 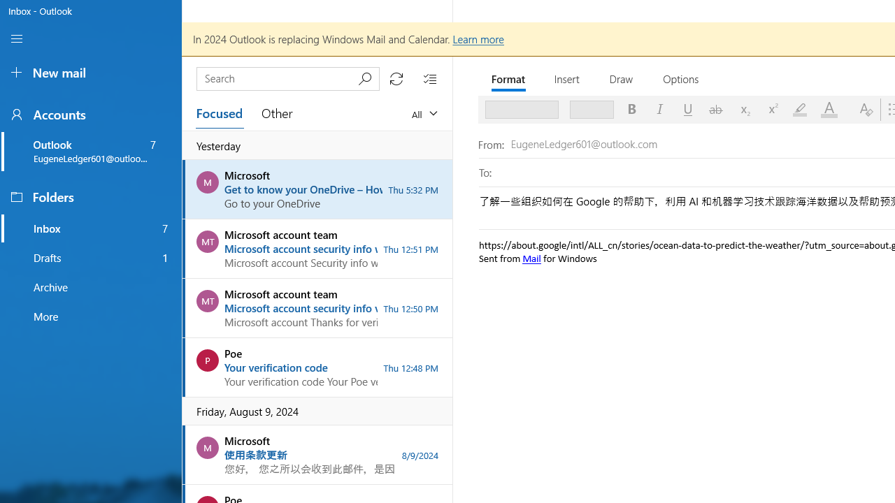 What do you see at coordinates (89, 286) in the screenshot?
I see `'Archive folder, favorite'` at bounding box center [89, 286].